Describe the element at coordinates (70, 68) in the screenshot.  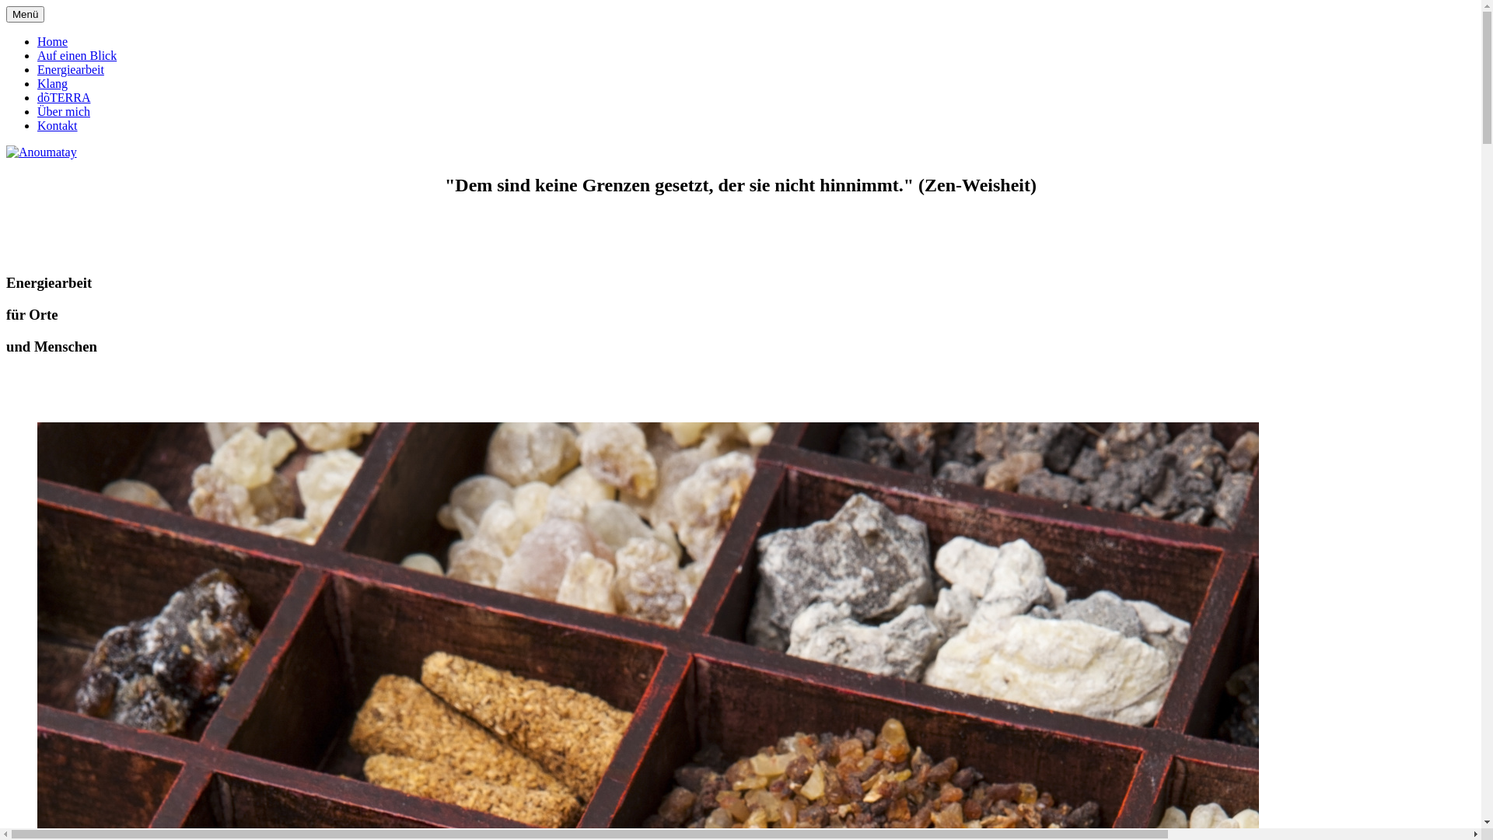
I see `'Energiearbeit'` at that location.